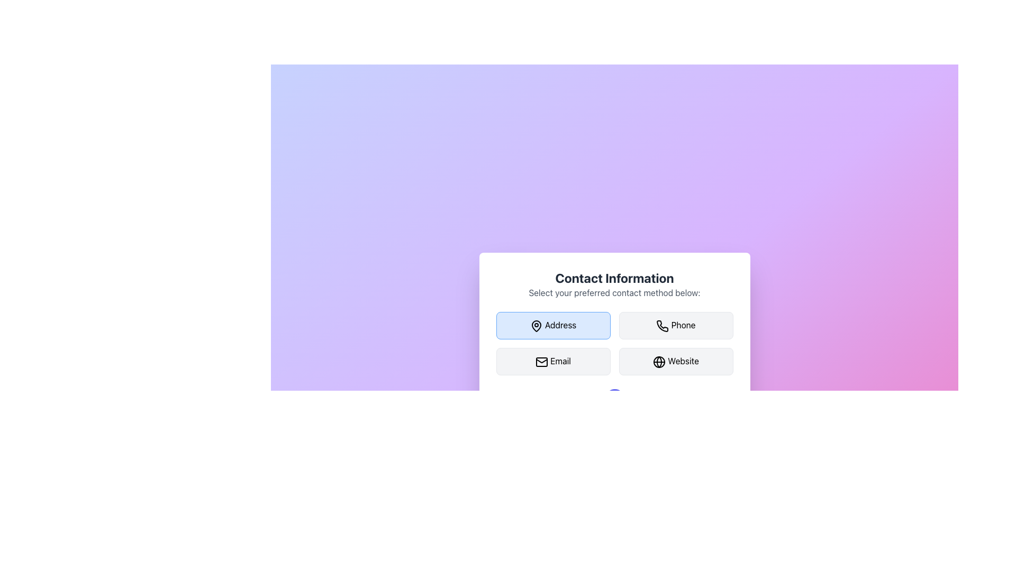  What do you see at coordinates (552, 361) in the screenshot?
I see `the button labeled 'Email', which has a light gray background, rounded corners, and an envelope icon, located in the lower-left section of a grid of buttons` at bounding box center [552, 361].